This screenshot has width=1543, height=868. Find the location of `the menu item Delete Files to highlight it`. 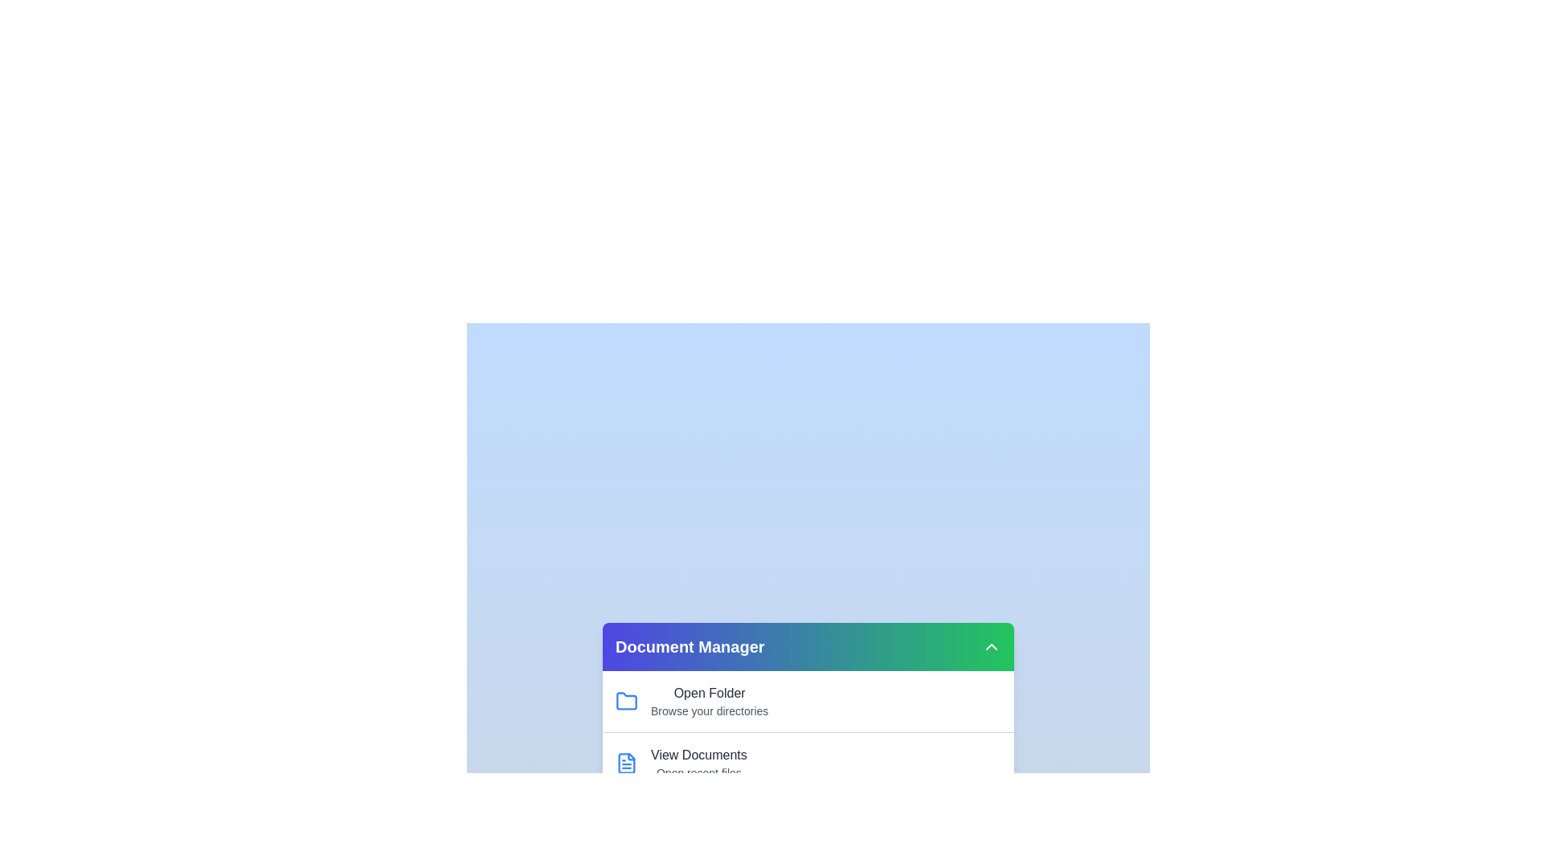

the menu item Delete Files to highlight it is located at coordinates (716, 817).